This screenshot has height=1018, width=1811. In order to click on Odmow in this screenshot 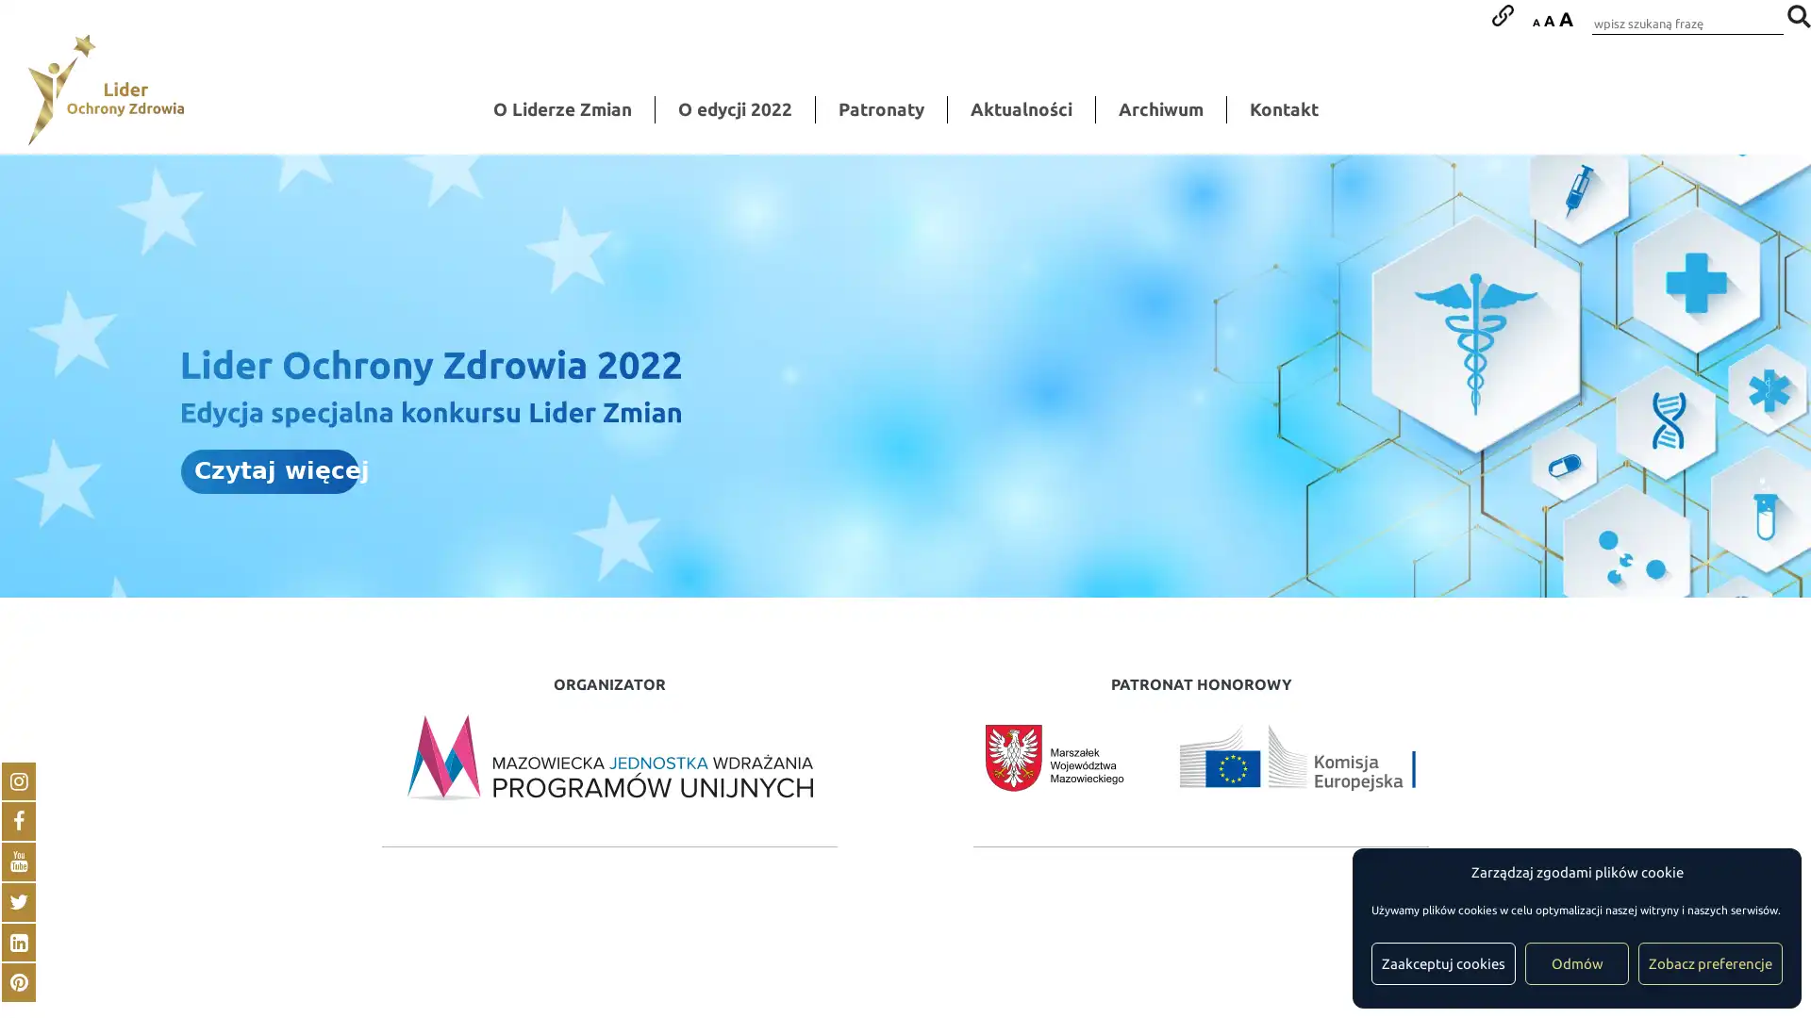, I will do `click(1576, 963)`.